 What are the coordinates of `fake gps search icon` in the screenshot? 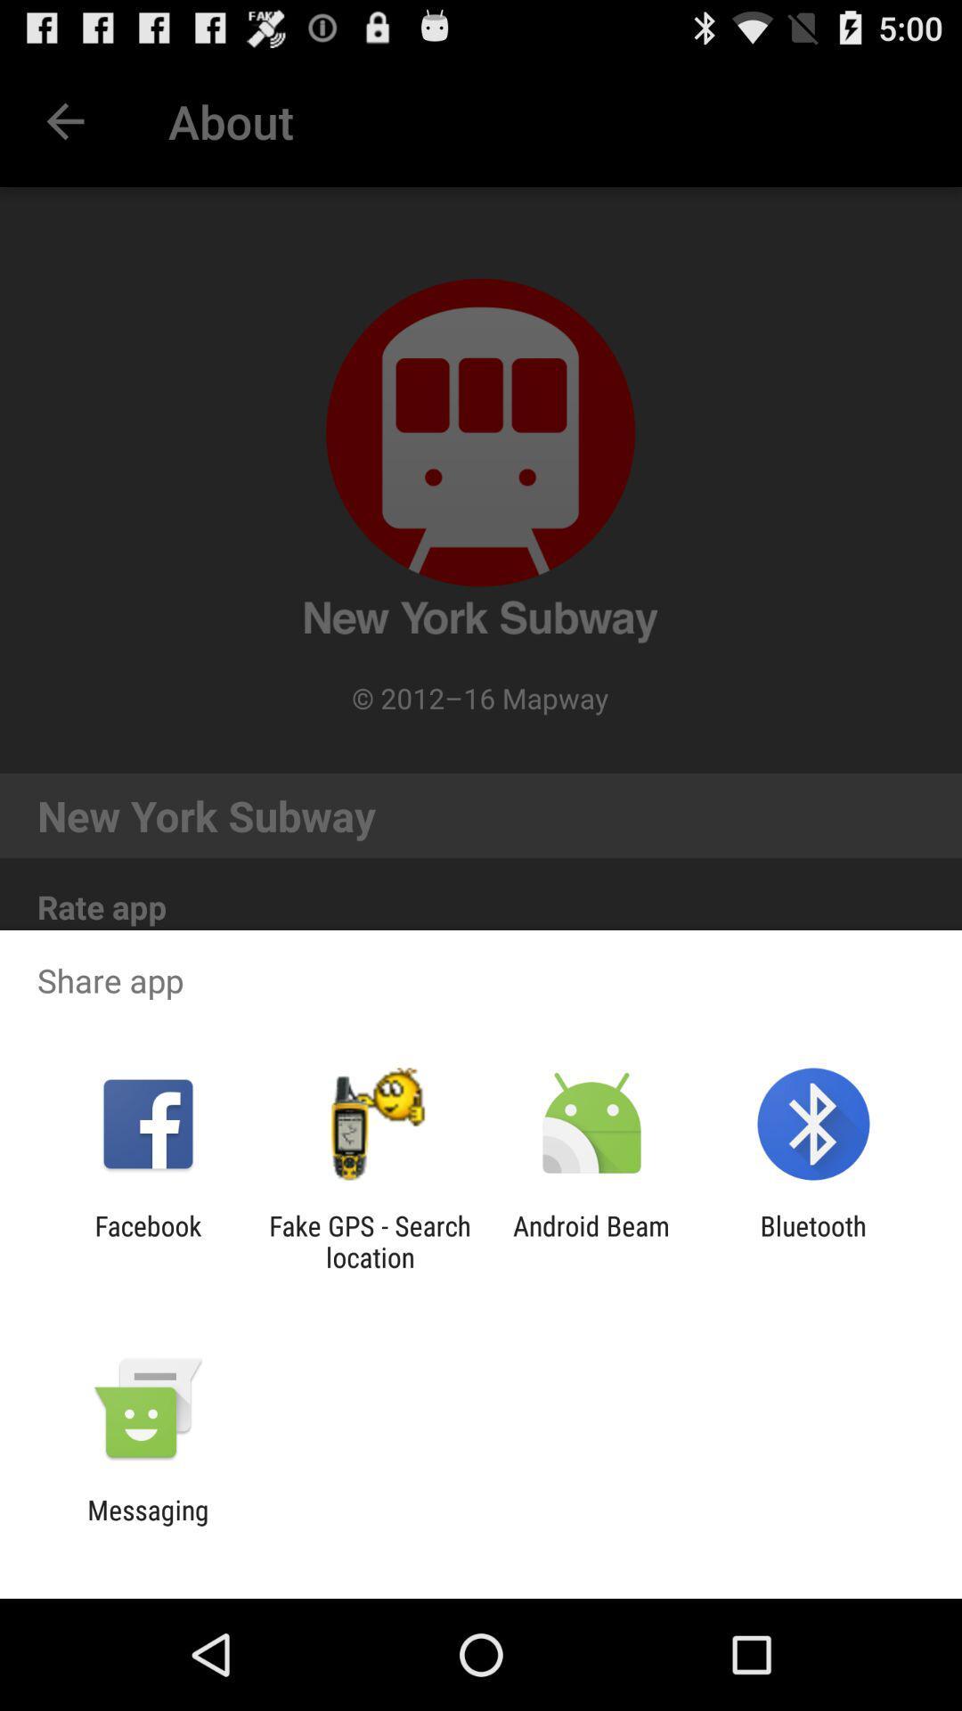 It's located at (369, 1240).